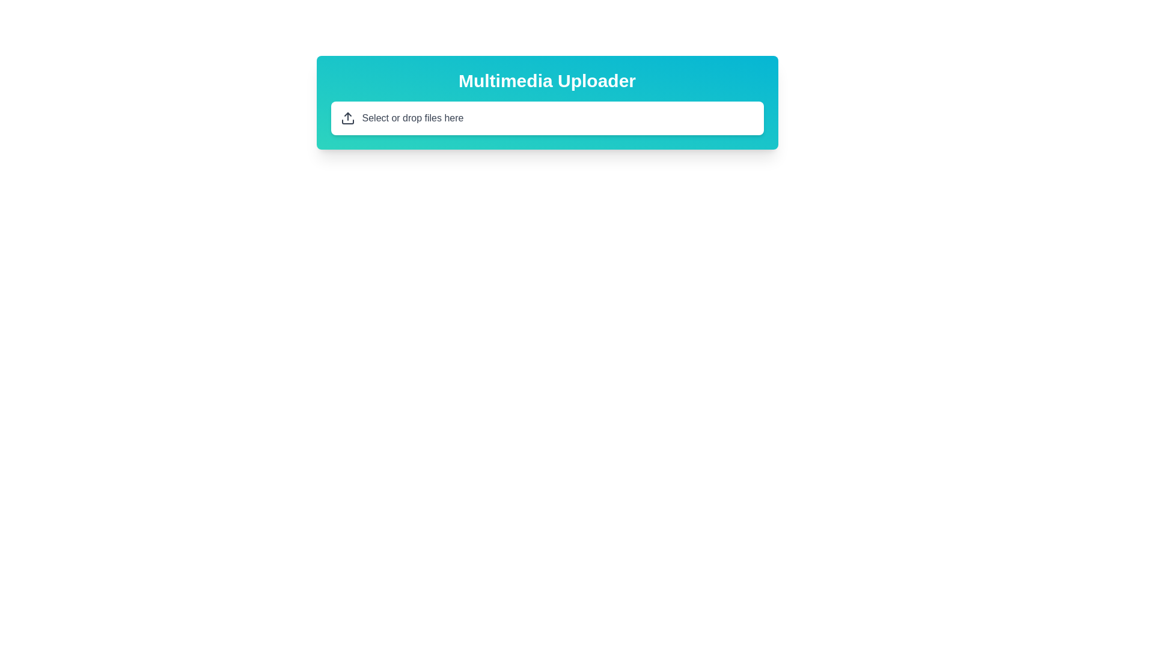  Describe the element at coordinates (347, 118) in the screenshot. I see `the upload icon located on the left side of the rectangular area containing the text 'Select or drop files here.'` at that location.